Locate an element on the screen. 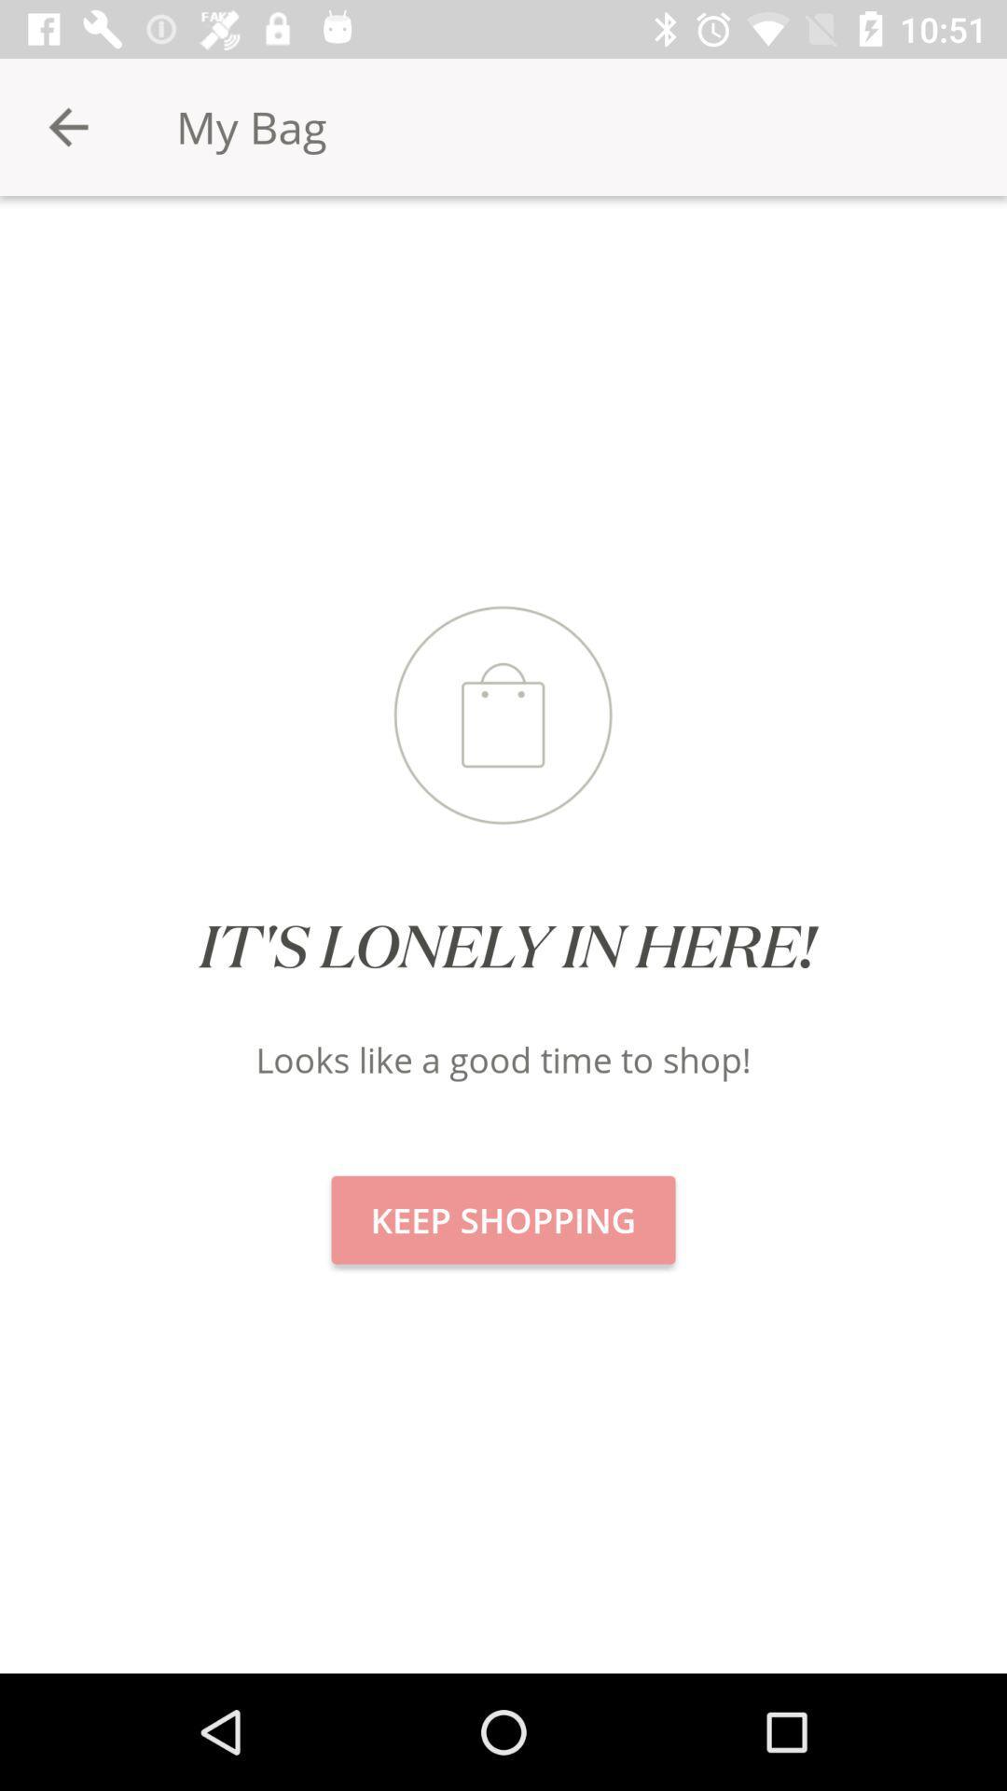 The height and width of the screenshot is (1791, 1007). the keep shopping icon is located at coordinates (504, 1220).